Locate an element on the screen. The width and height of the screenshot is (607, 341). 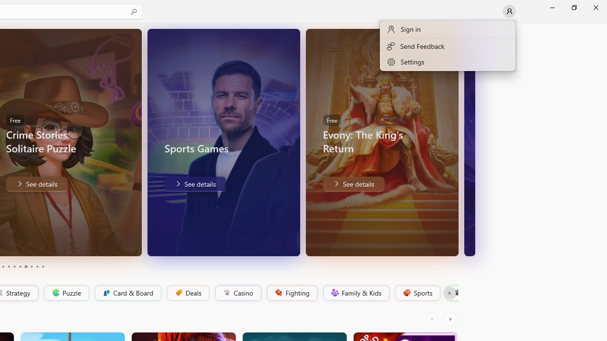
'Platformer' is located at coordinates (451, 293).